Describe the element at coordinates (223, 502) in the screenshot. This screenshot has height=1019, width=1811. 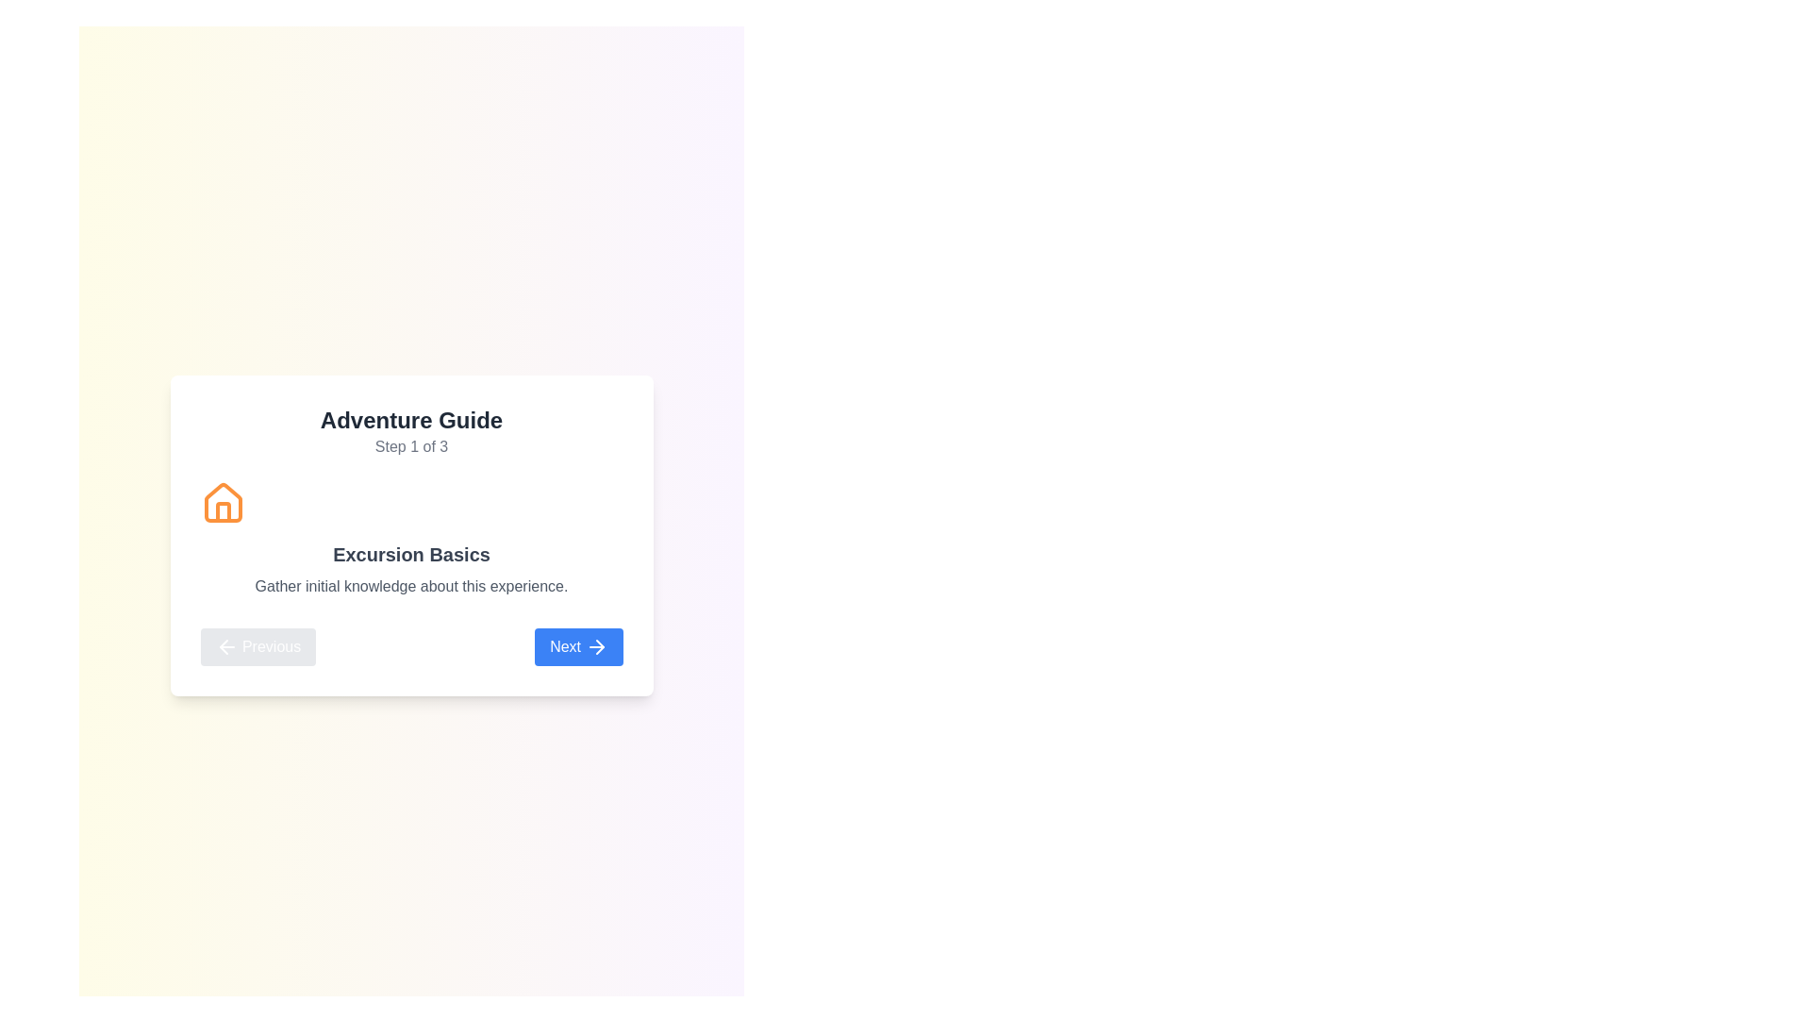
I see `the home icon that symbolizes the theme of 'Adventure Guide', located above the text 'Excursion Basics' and to the left of the 'Next' button` at that location.